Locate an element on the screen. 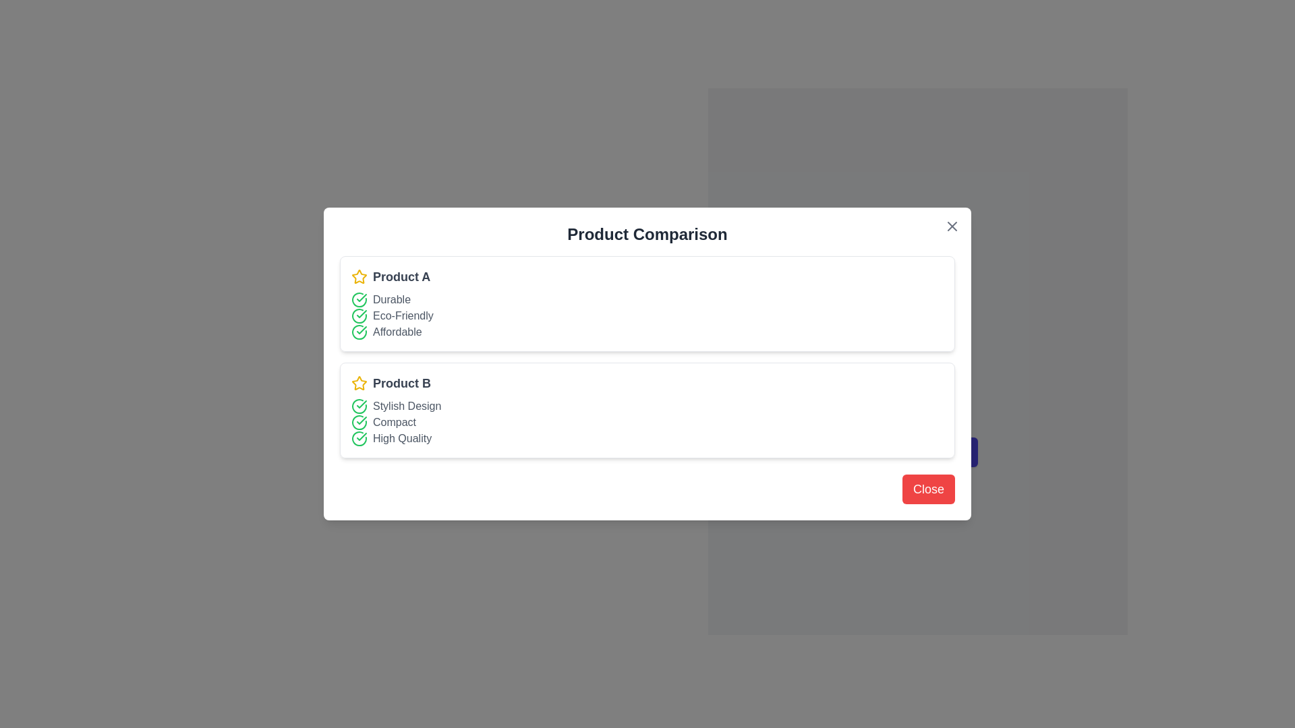 This screenshot has width=1295, height=728. the icon indicating that the 'High Quality' feature is applicable for 'Product B', located to the left of the 'High Quality' text is located at coordinates (359, 439).